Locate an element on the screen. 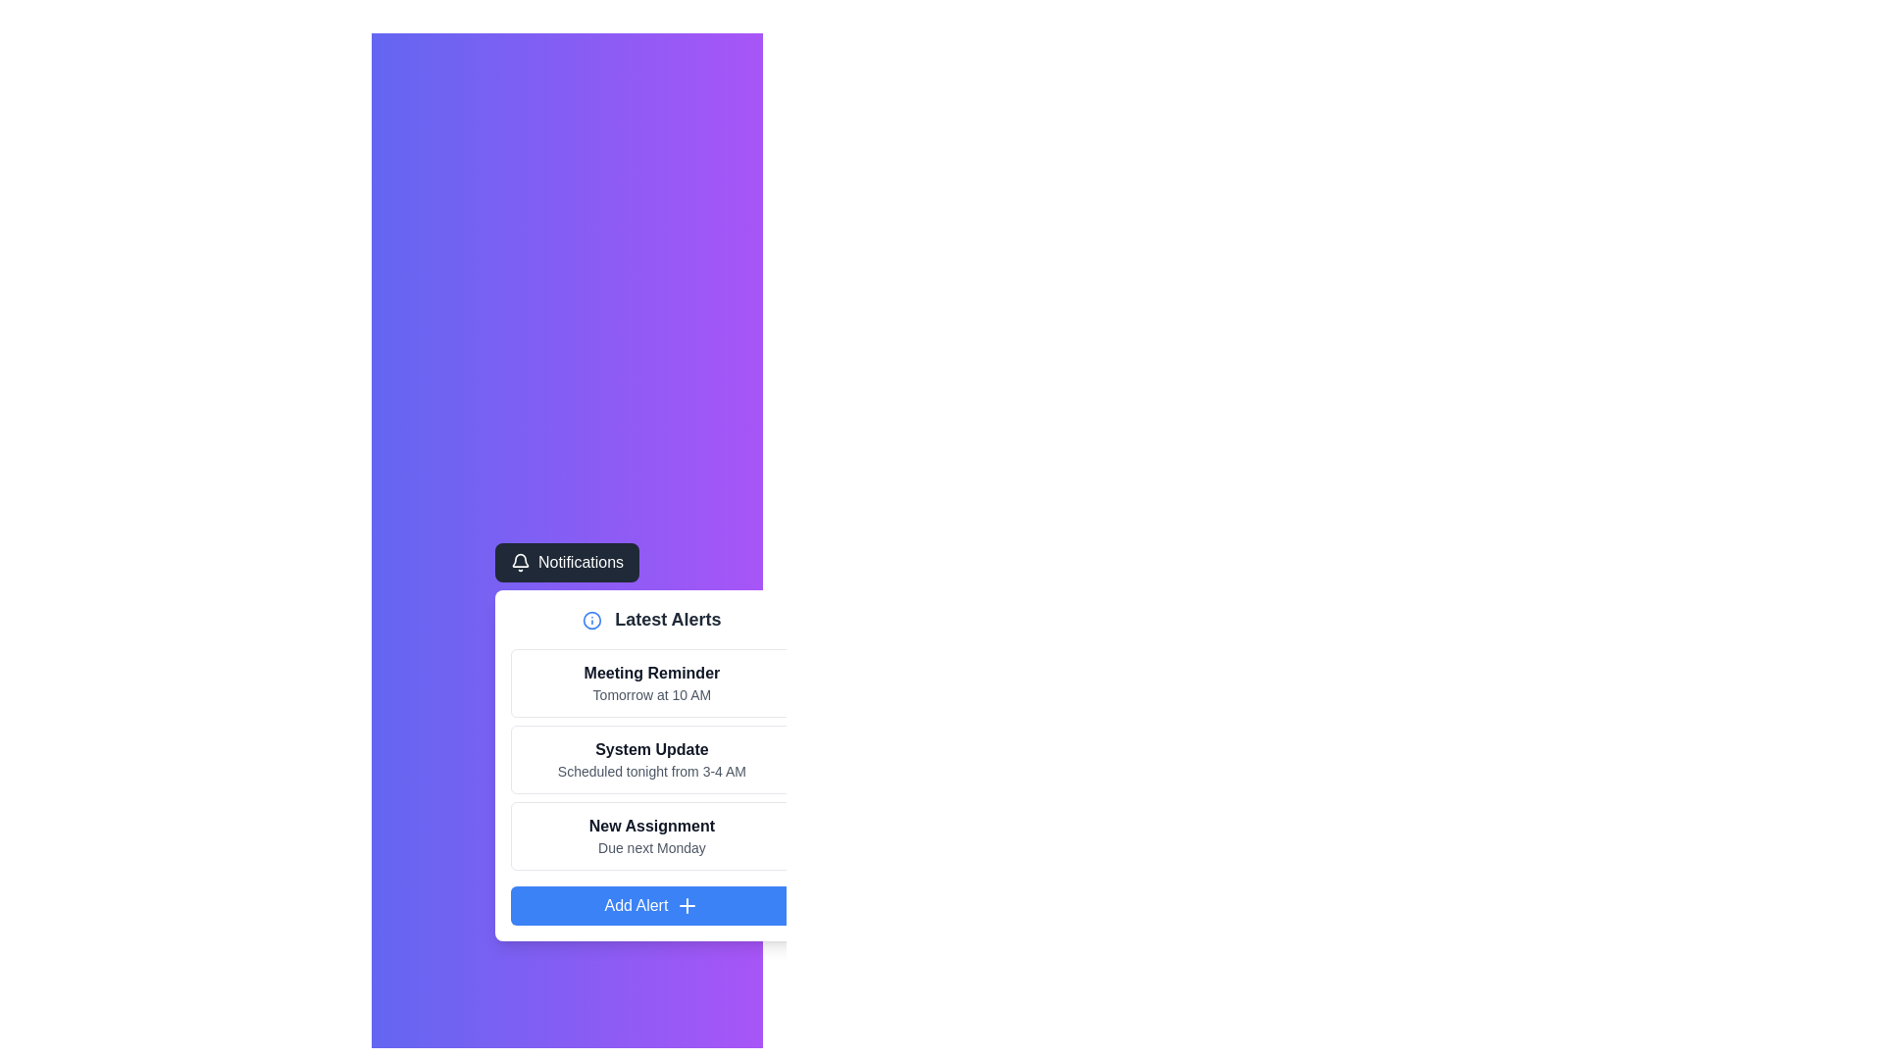 This screenshot has height=1059, width=1883. the bell icon located inside the 'Notifications' button is located at coordinates (520, 563).